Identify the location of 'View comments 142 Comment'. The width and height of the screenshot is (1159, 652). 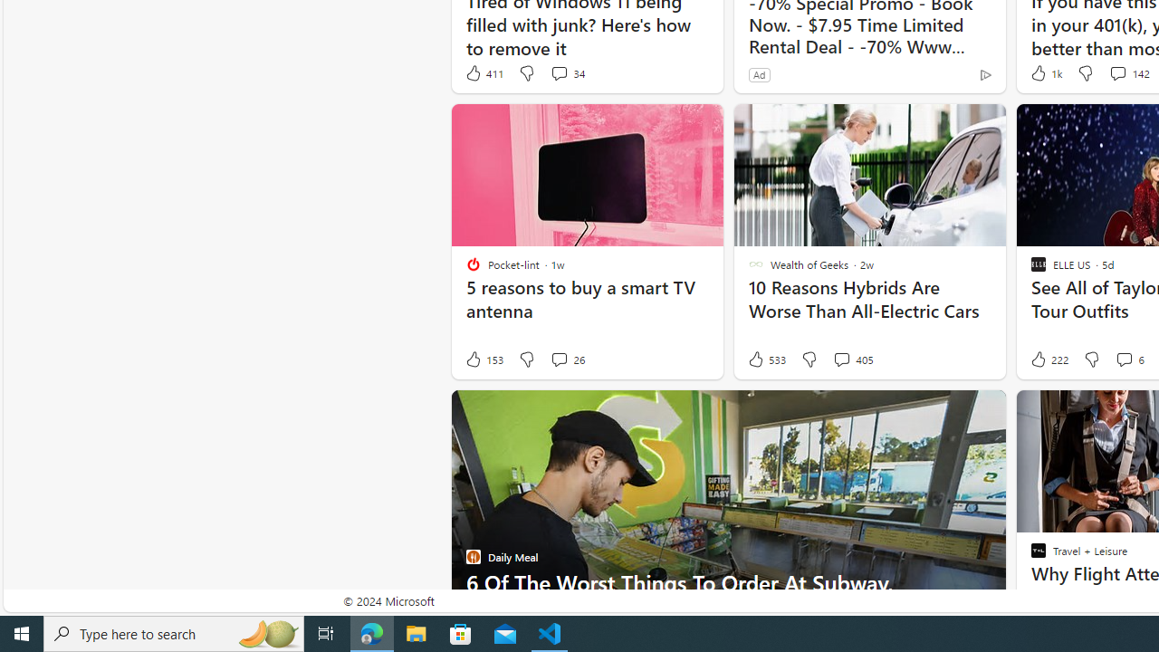
(1116, 72).